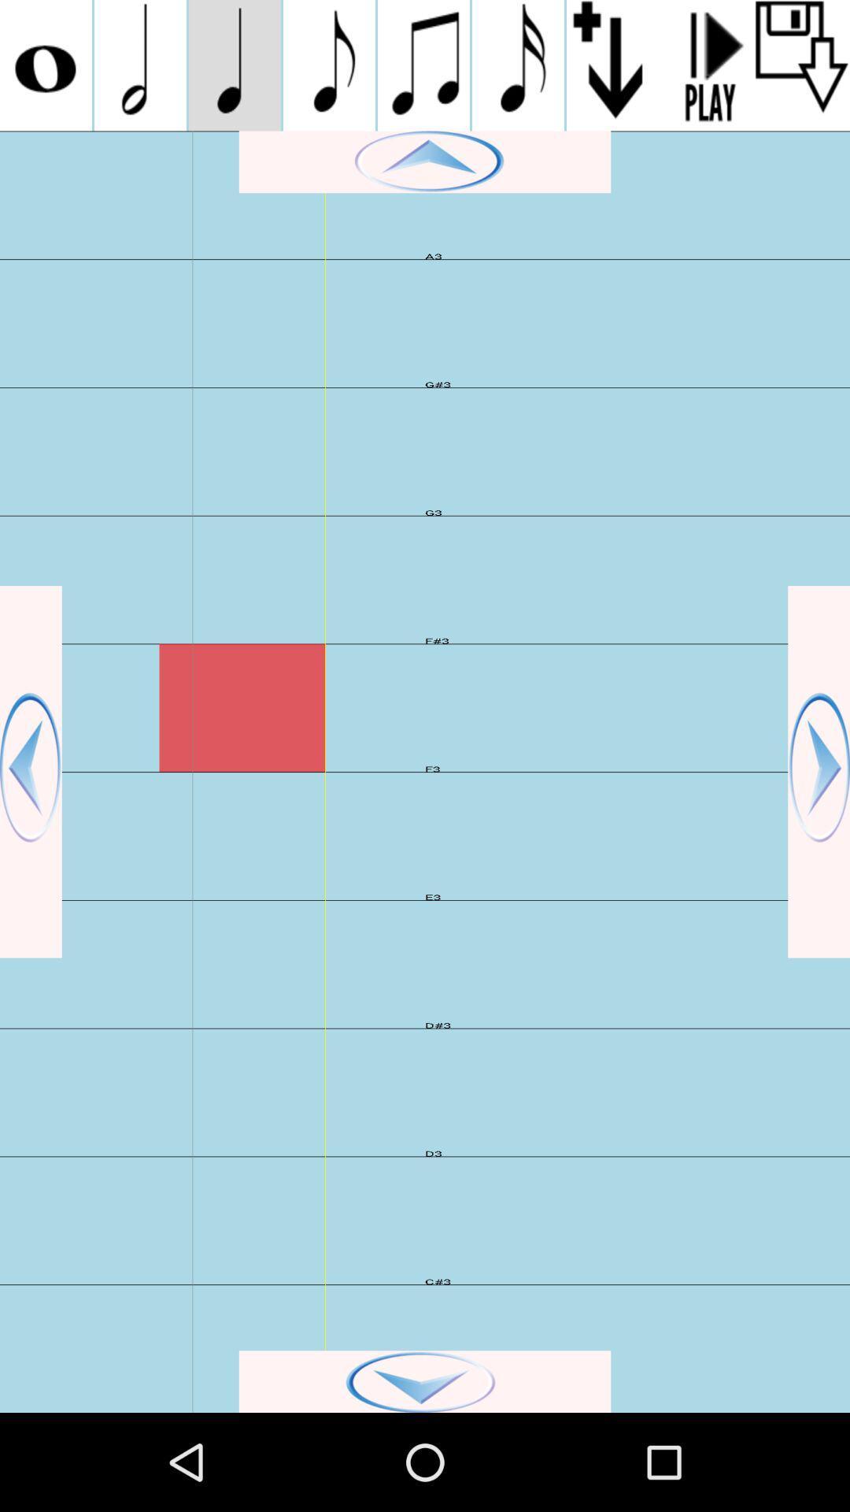 Image resolution: width=850 pixels, height=1512 pixels. Describe the element at coordinates (612, 65) in the screenshot. I see `new below` at that location.